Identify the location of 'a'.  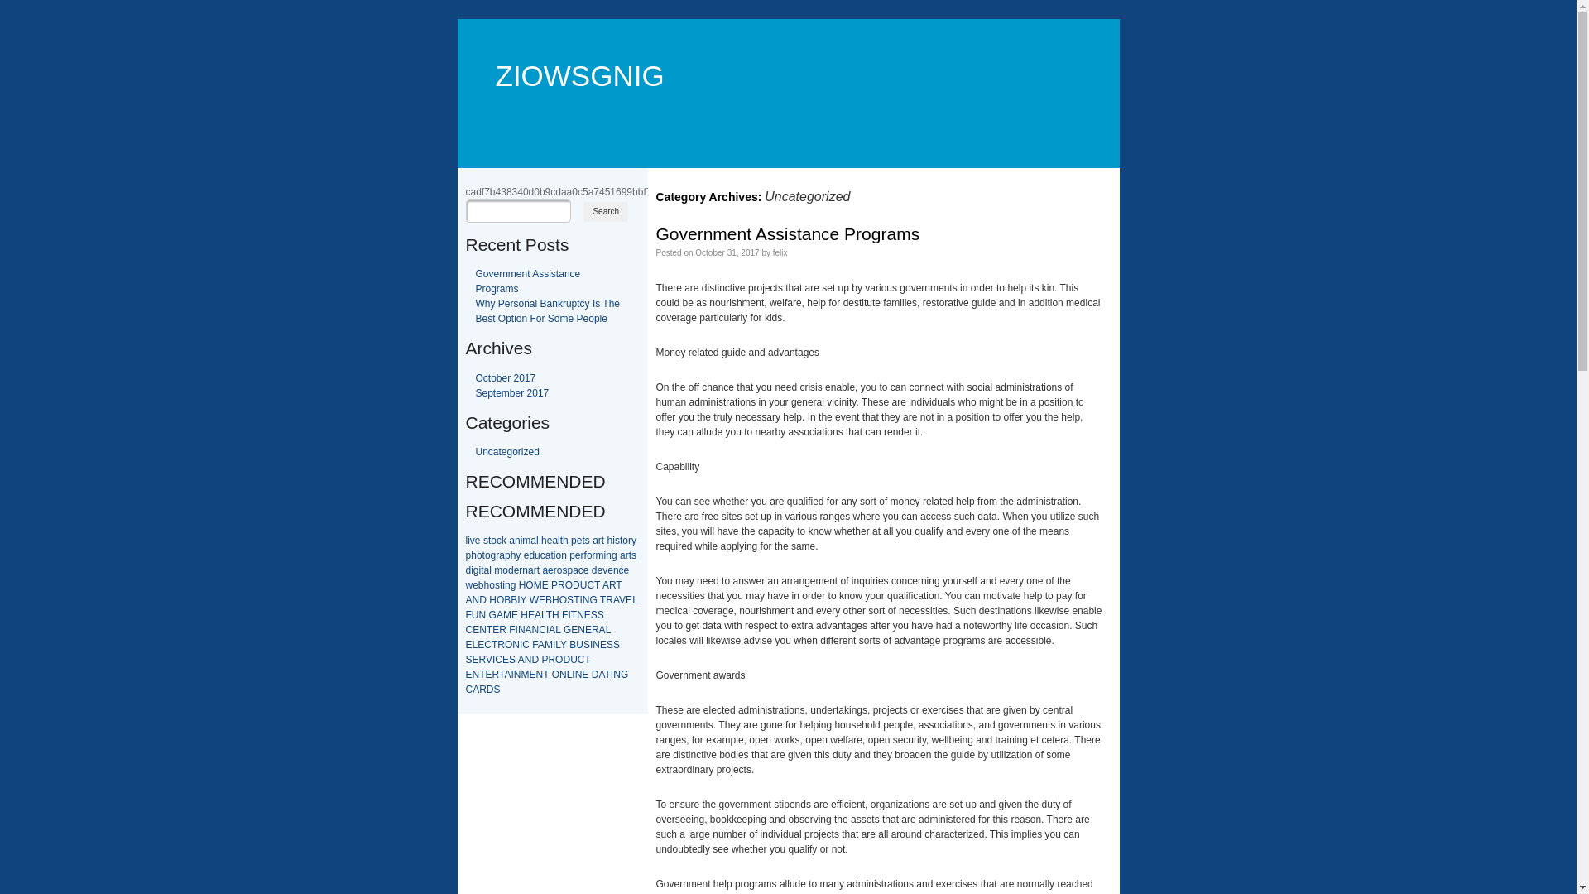
(548, 555).